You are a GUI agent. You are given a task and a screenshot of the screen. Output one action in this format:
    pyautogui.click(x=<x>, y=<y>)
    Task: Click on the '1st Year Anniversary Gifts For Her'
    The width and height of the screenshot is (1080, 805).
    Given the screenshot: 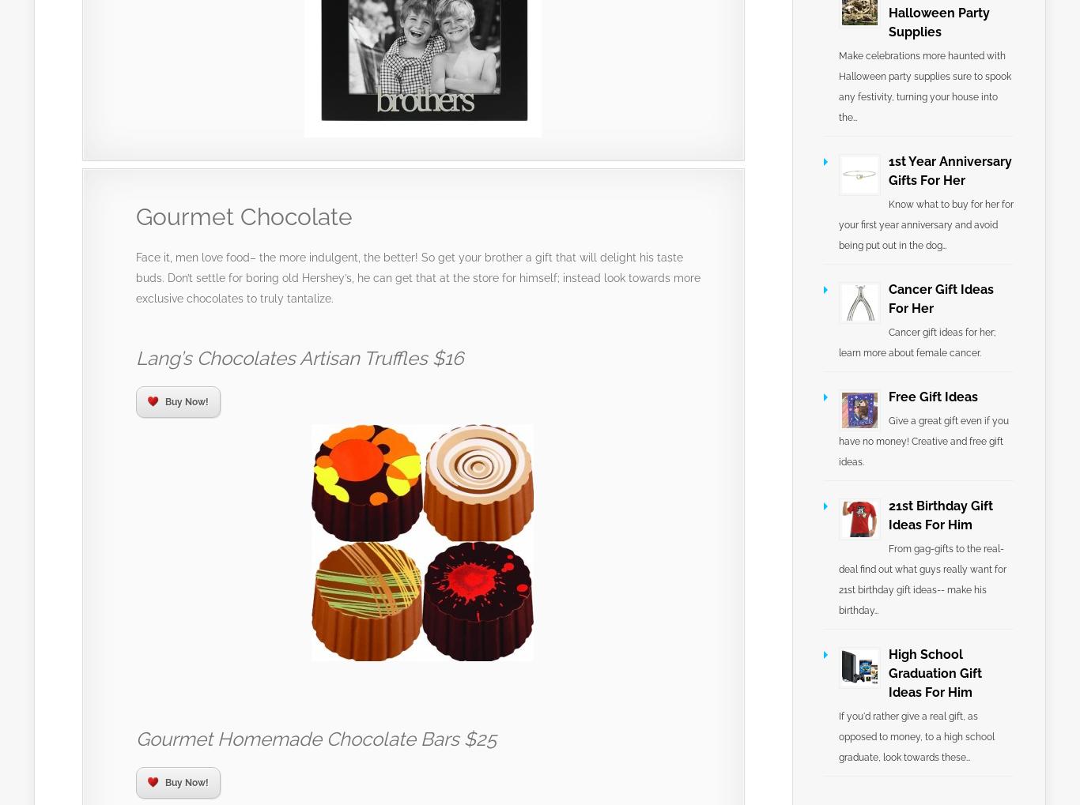 What is the action you would take?
    pyautogui.click(x=950, y=170)
    